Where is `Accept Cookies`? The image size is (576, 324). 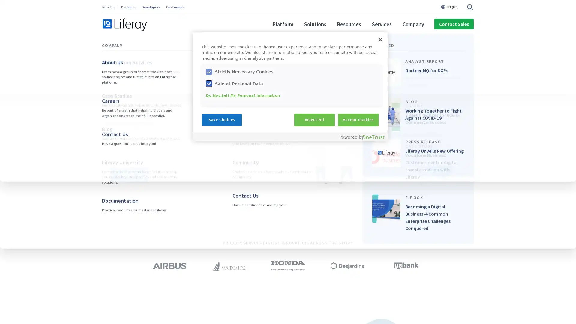 Accept Cookies is located at coordinates (358, 119).